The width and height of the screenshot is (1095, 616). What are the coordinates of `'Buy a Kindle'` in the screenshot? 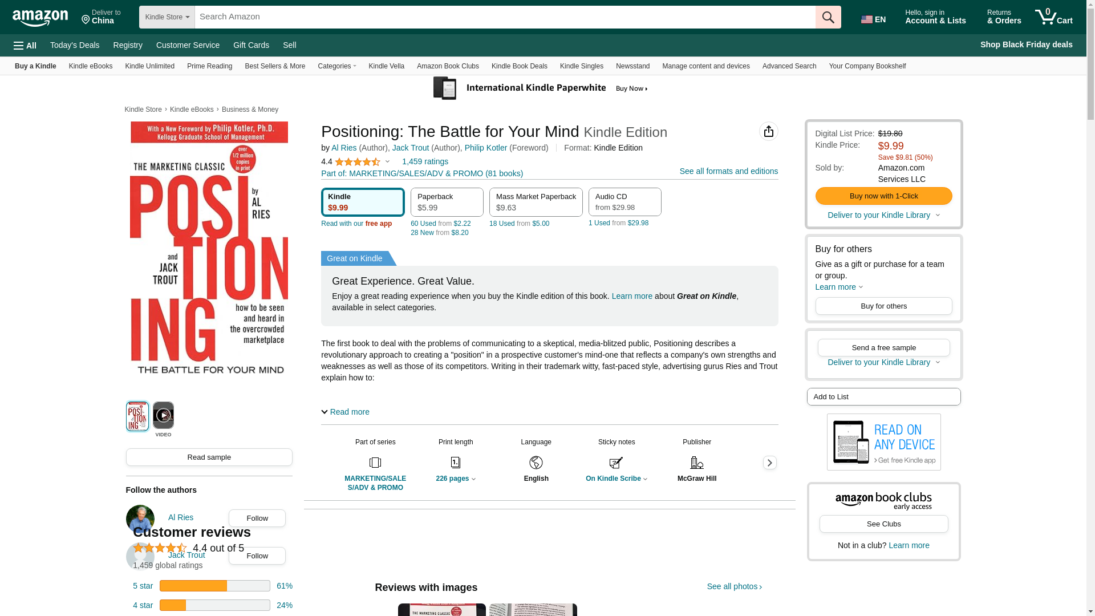 It's located at (35, 66).